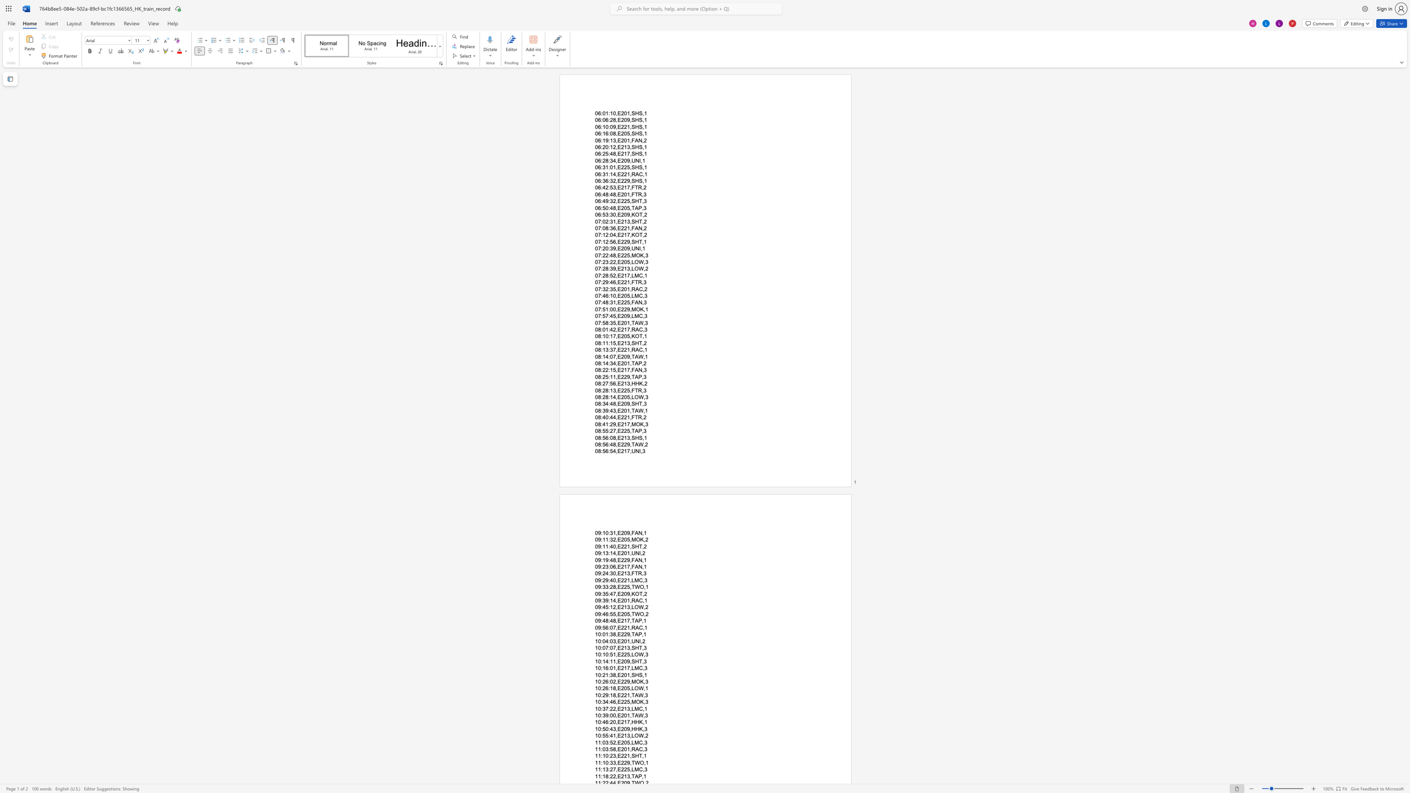 The height and width of the screenshot is (793, 1410). Describe the element at coordinates (626, 255) in the screenshot. I see `the subset text "5,M" within the text "07:22:48,E225,MOK,3"` at that location.